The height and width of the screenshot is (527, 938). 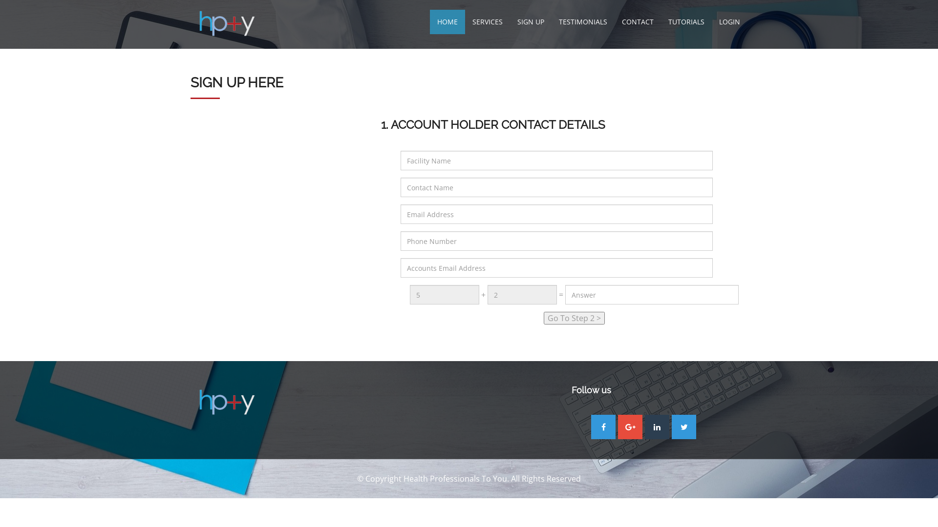 I want to click on 'SIGN UP', so click(x=509, y=22).